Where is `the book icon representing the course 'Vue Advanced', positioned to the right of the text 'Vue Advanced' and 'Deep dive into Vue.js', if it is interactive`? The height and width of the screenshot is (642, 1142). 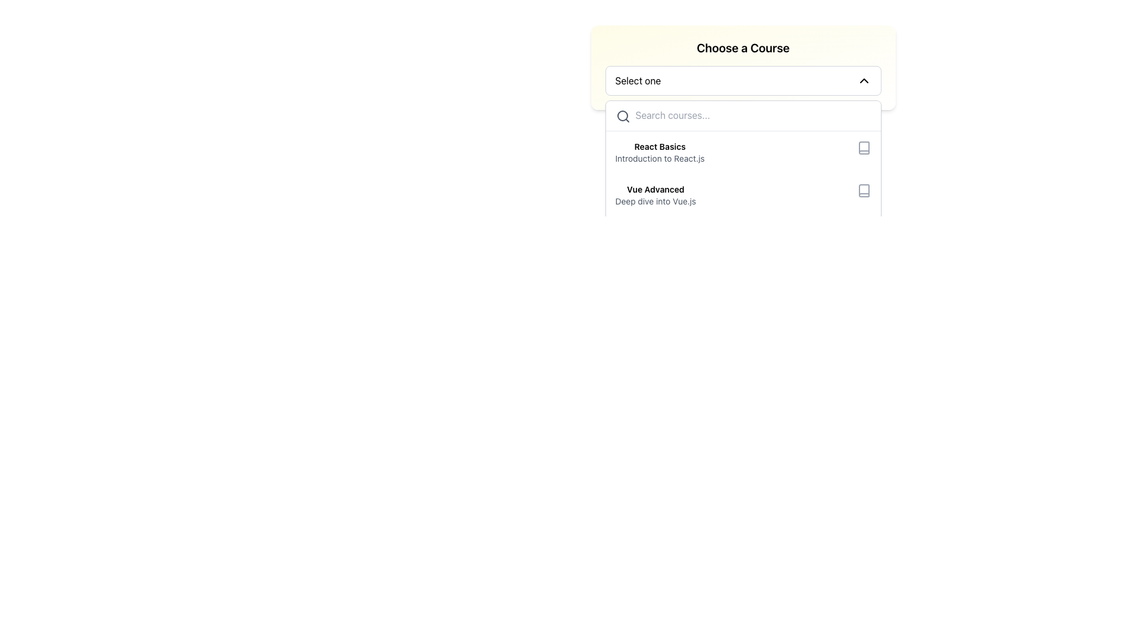
the book icon representing the course 'Vue Advanced', positioned to the right of the text 'Vue Advanced' and 'Deep dive into Vue.js', if it is interactive is located at coordinates (864, 190).